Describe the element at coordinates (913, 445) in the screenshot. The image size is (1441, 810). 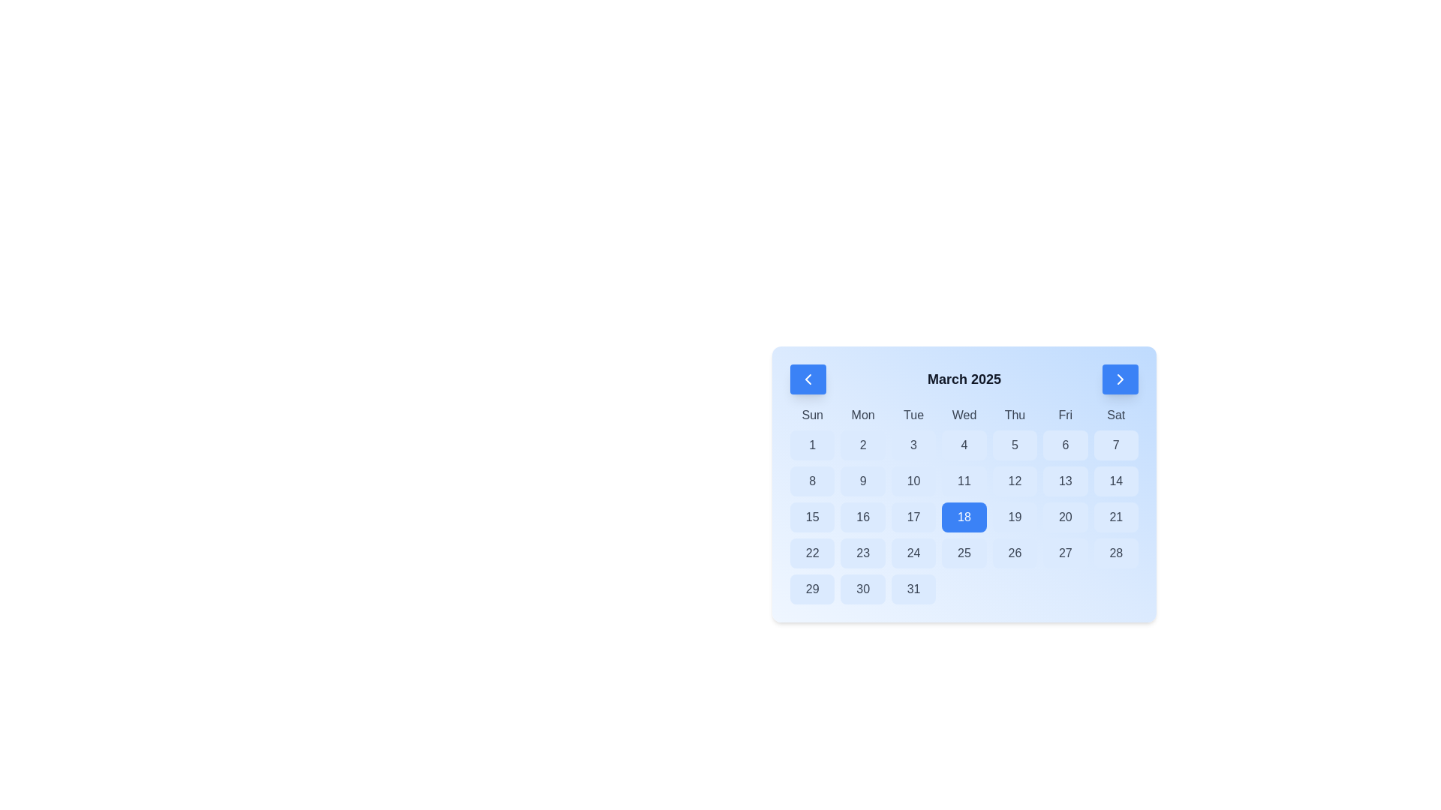
I see `the square button with rounded corners and a light blue background that contains the number '3' in bold, dark text, located in the top row of the calendar interface under the day label 'Tue'` at that location.